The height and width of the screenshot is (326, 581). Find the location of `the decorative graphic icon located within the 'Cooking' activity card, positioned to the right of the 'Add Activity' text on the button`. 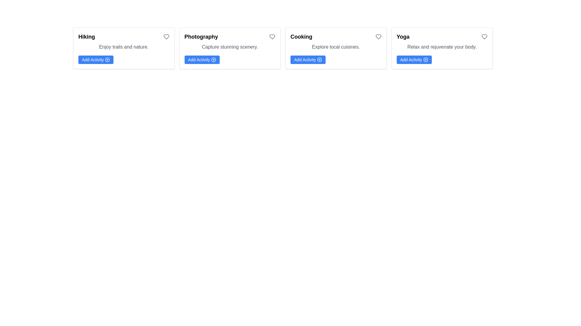

the decorative graphic icon located within the 'Cooking' activity card, positioned to the right of the 'Add Activity' text on the button is located at coordinates (319, 59).